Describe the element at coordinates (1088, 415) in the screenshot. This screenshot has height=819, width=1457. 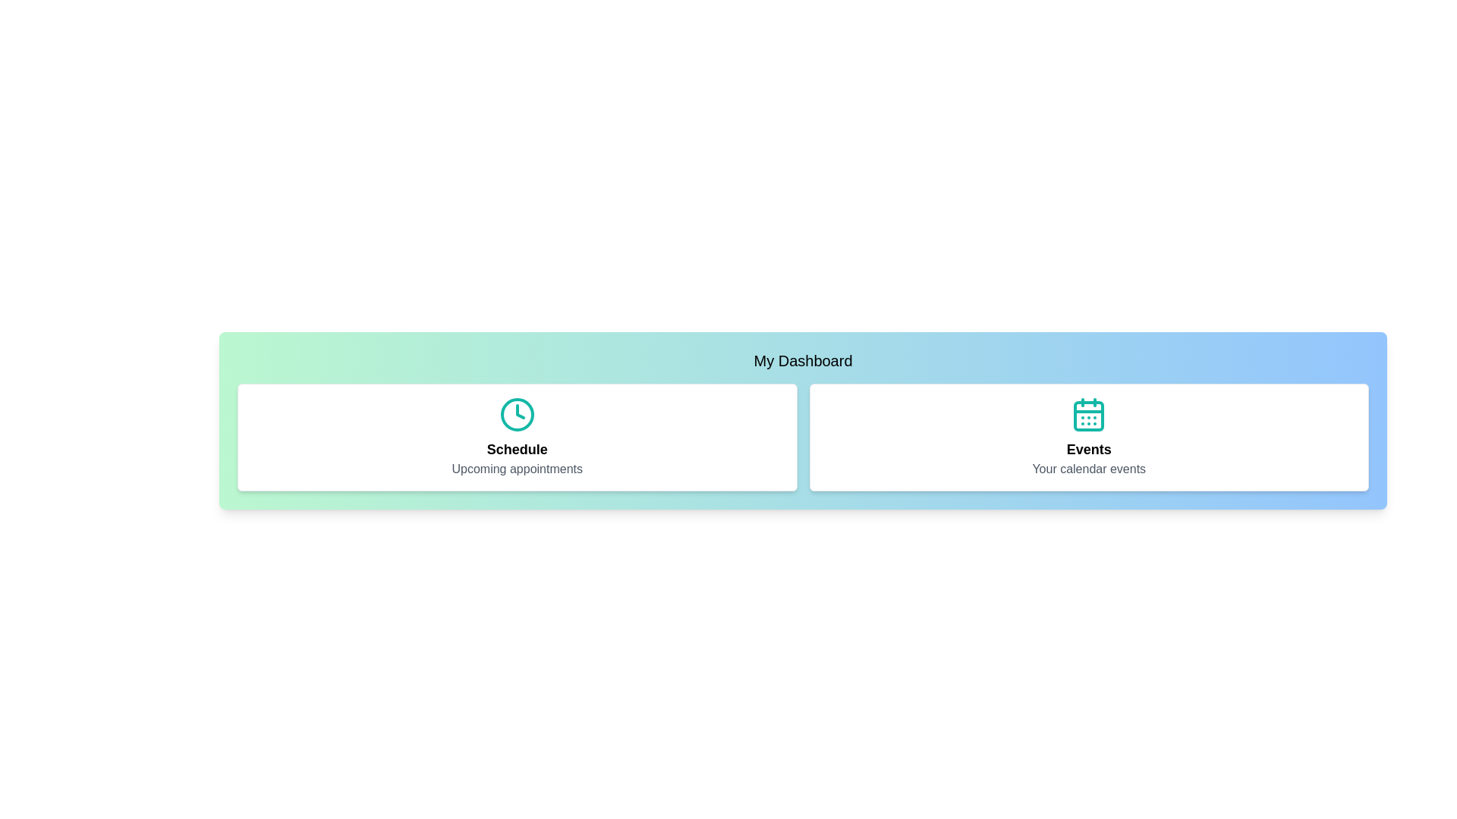
I see `the teal calendar icon with circular dots located in the top section of the 'Events' card, positioned to the right of the 'Schedule' card, above the text 'Events'` at that location.